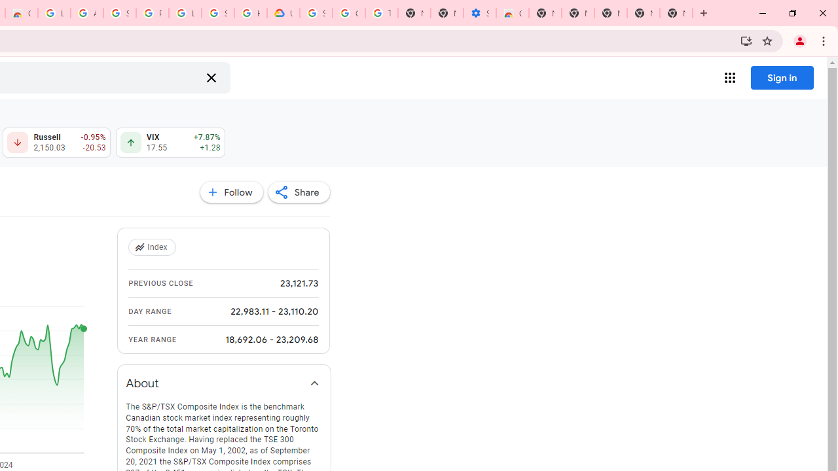 The height and width of the screenshot is (471, 838). What do you see at coordinates (349, 13) in the screenshot?
I see `'Google Account Help'` at bounding box center [349, 13].